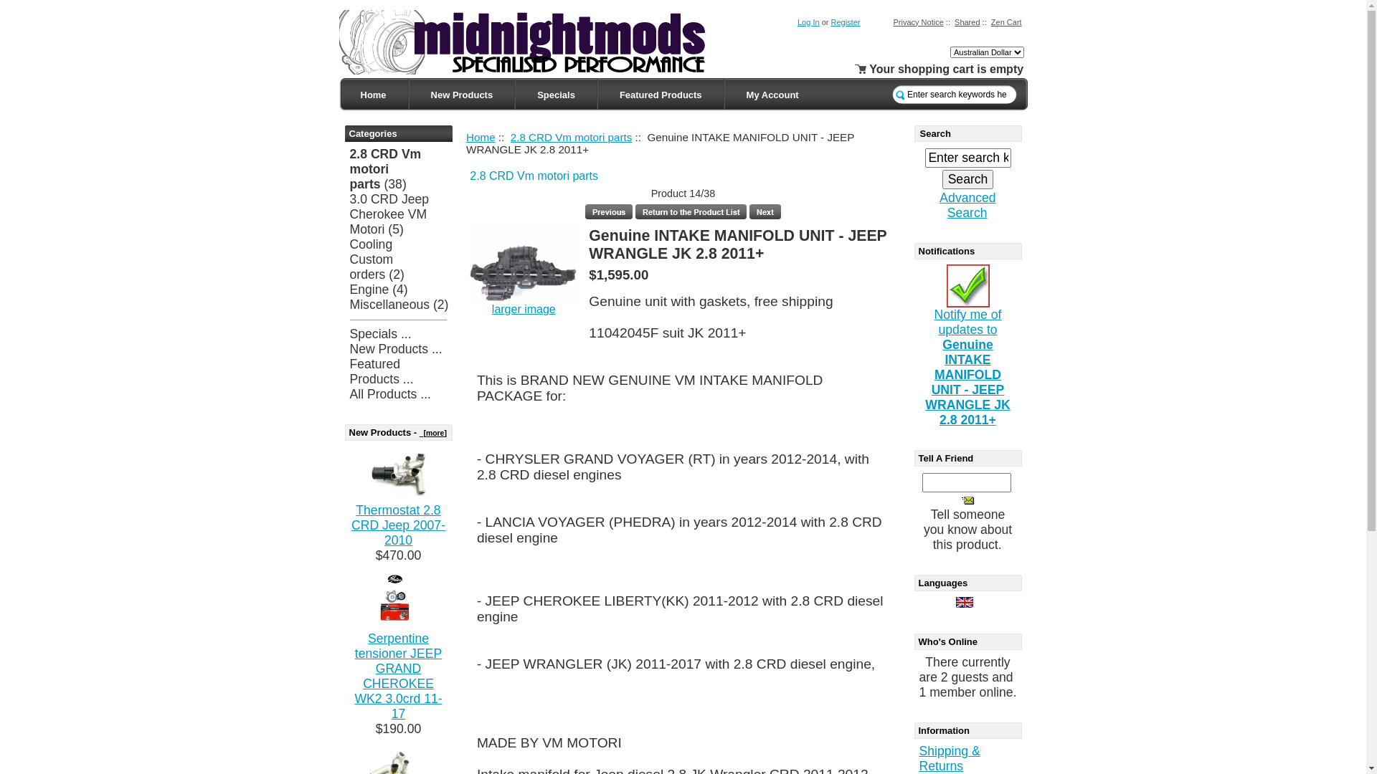 The image size is (1377, 774). Describe the element at coordinates (369, 474) in the screenshot. I see `' Thermostat 2.8 CRD Jeep 2007-2010 '` at that location.